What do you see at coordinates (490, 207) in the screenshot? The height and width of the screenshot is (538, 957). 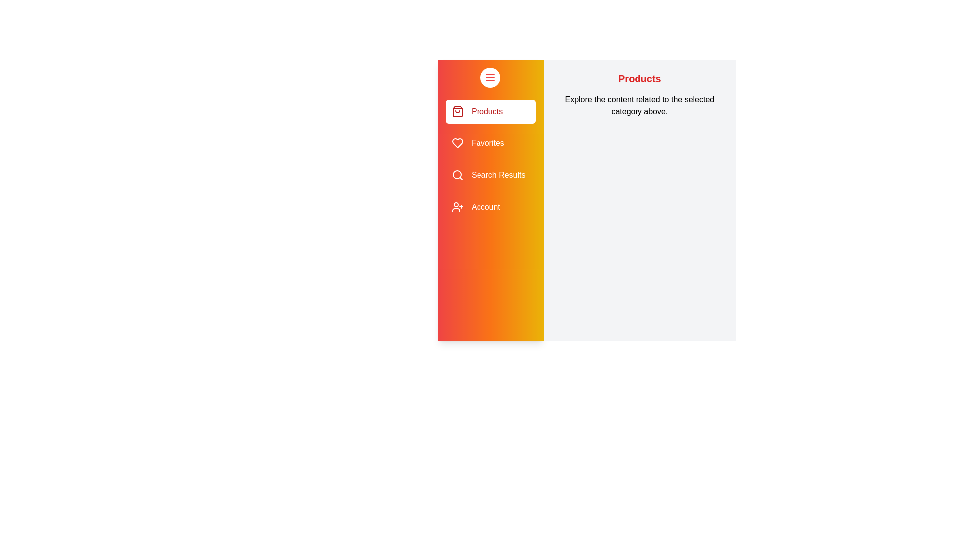 I see `the category Account from the sidebar` at bounding box center [490, 207].